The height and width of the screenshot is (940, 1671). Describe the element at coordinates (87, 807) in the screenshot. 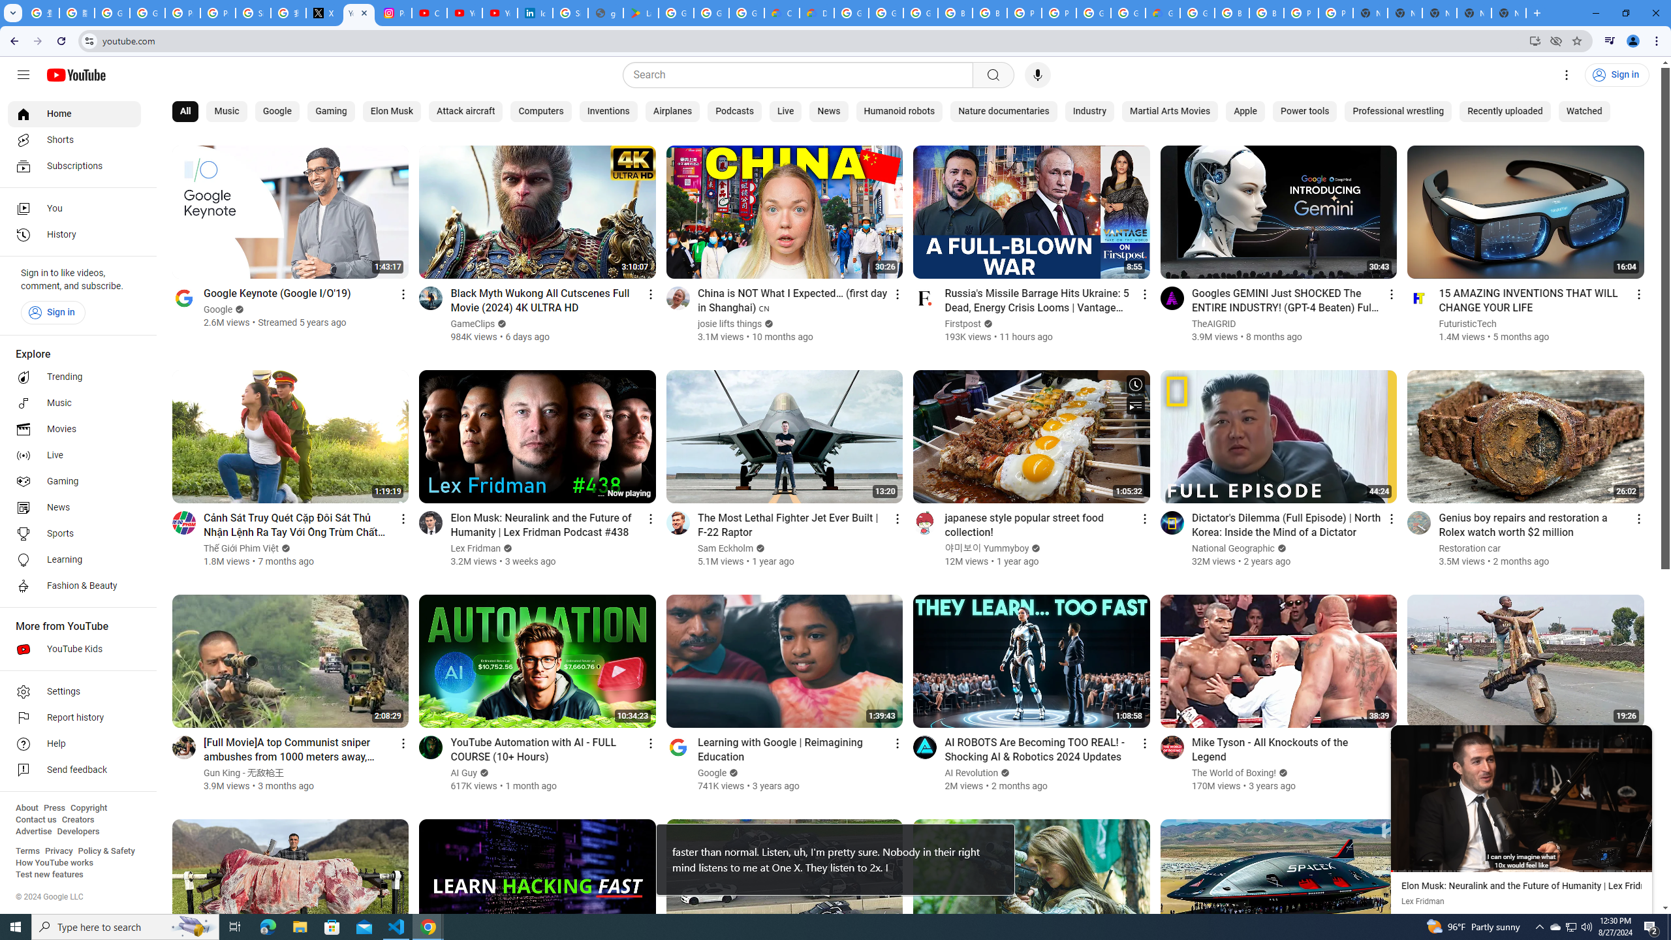

I see `'Copyright'` at that location.